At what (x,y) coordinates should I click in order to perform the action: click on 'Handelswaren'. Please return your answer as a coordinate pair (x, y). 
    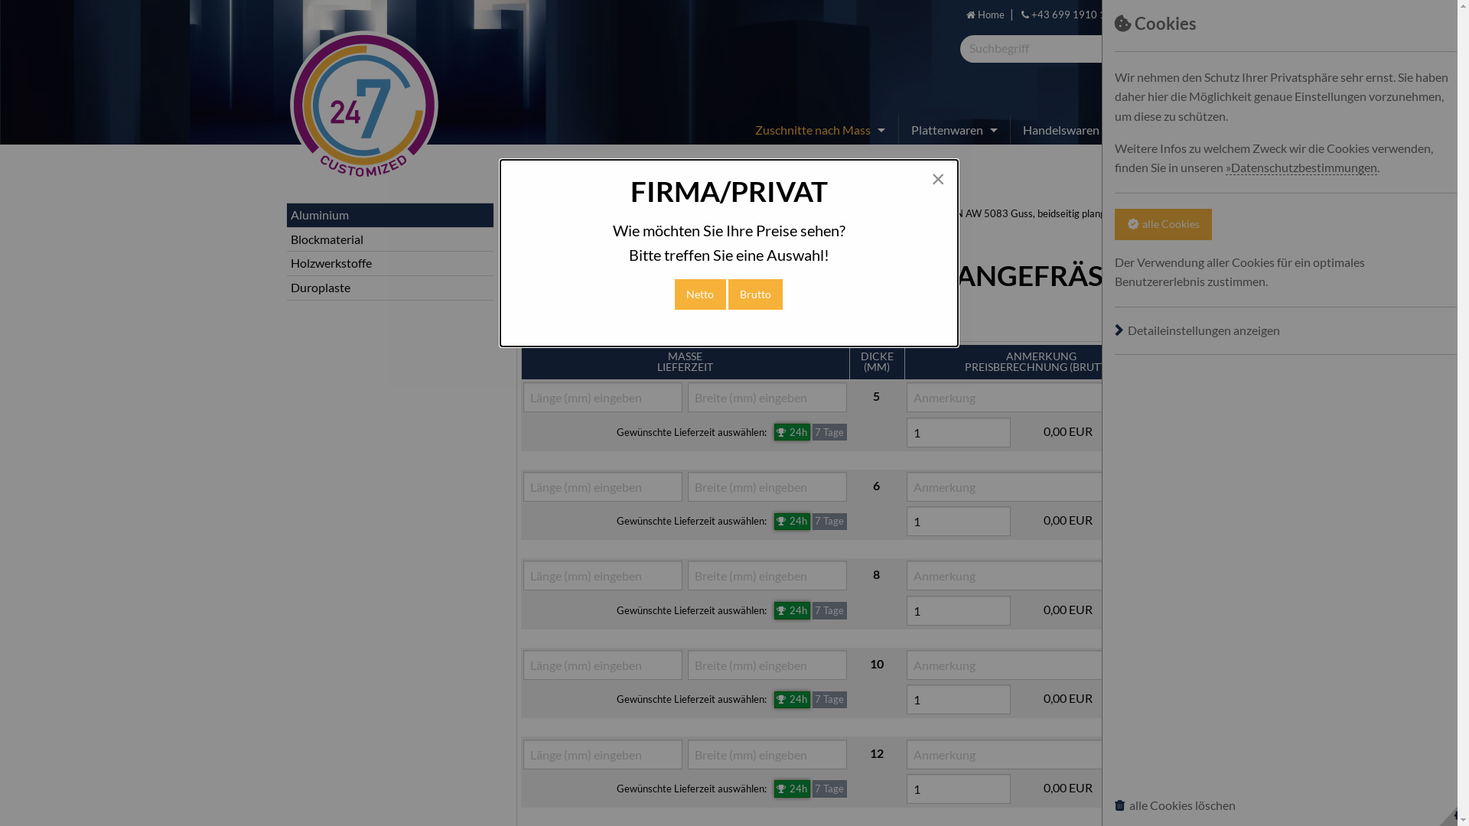
    Looking at the image, I should click on (1063, 128).